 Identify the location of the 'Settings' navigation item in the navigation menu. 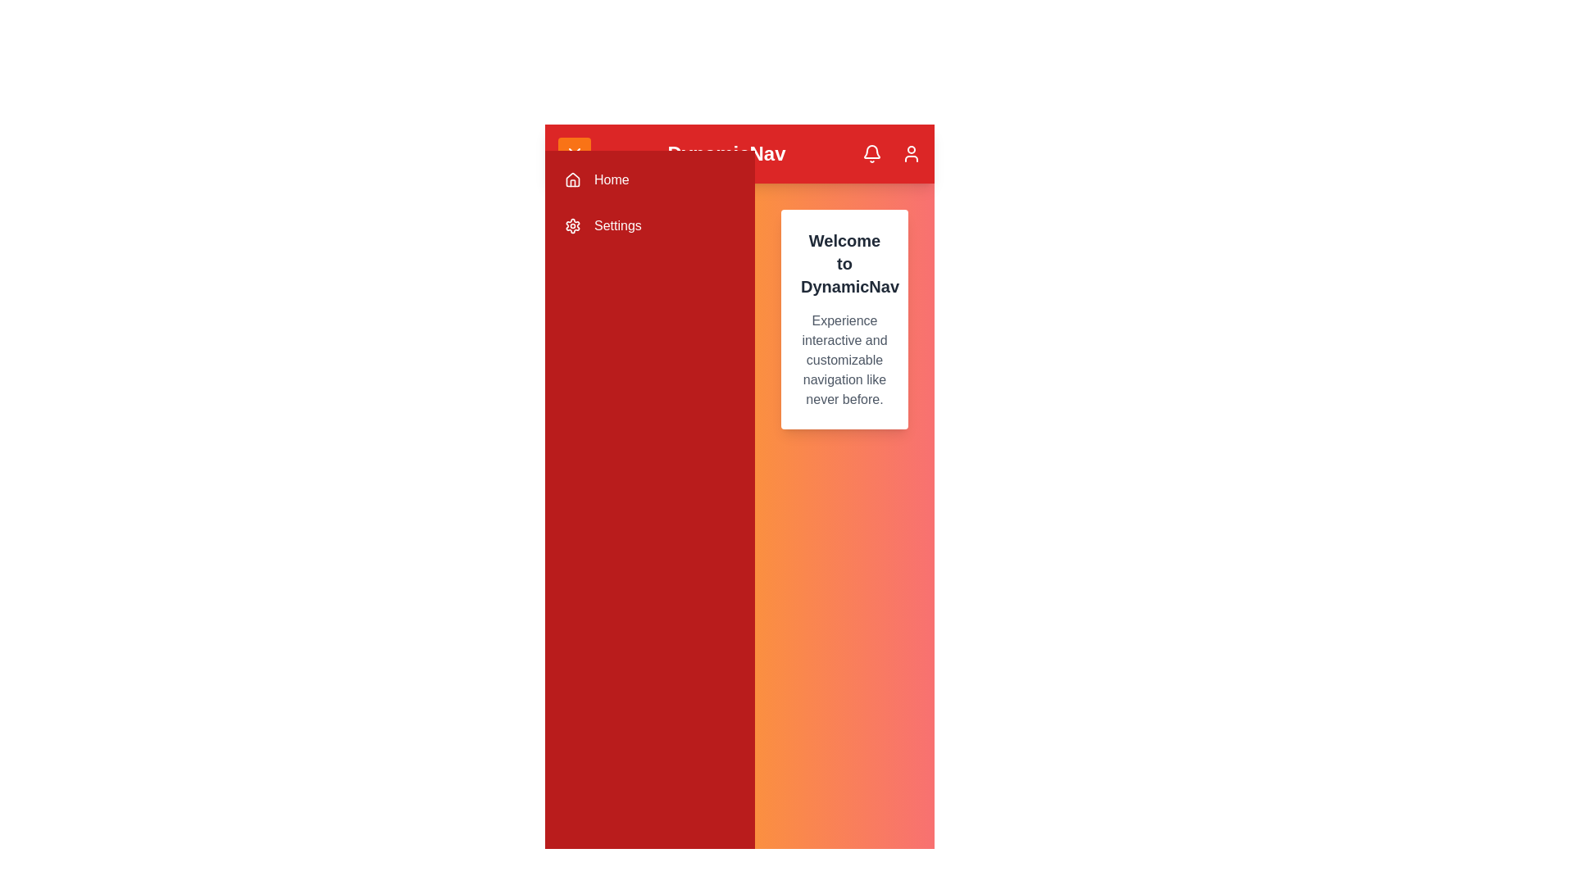
(648, 226).